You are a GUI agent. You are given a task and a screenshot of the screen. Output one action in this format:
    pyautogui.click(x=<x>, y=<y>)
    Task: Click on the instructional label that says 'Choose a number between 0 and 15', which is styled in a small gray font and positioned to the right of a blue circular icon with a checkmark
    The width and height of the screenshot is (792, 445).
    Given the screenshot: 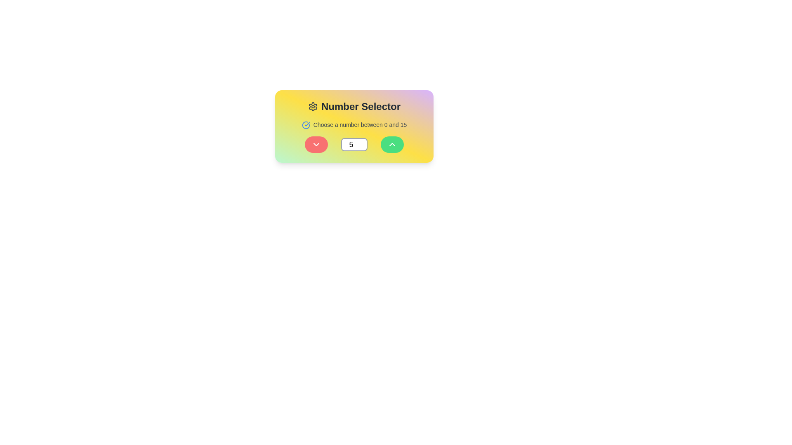 What is the action you would take?
    pyautogui.click(x=360, y=125)
    